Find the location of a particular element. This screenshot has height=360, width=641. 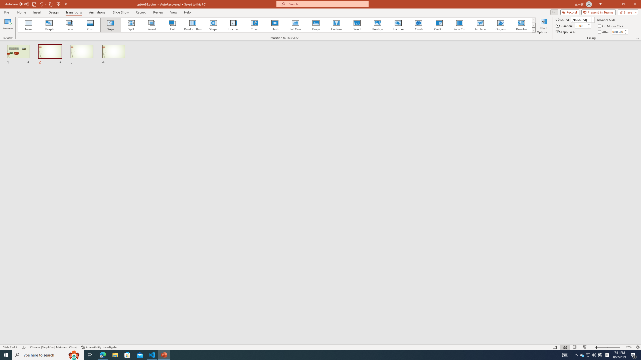

'Reveal' is located at coordinates (152, 25).